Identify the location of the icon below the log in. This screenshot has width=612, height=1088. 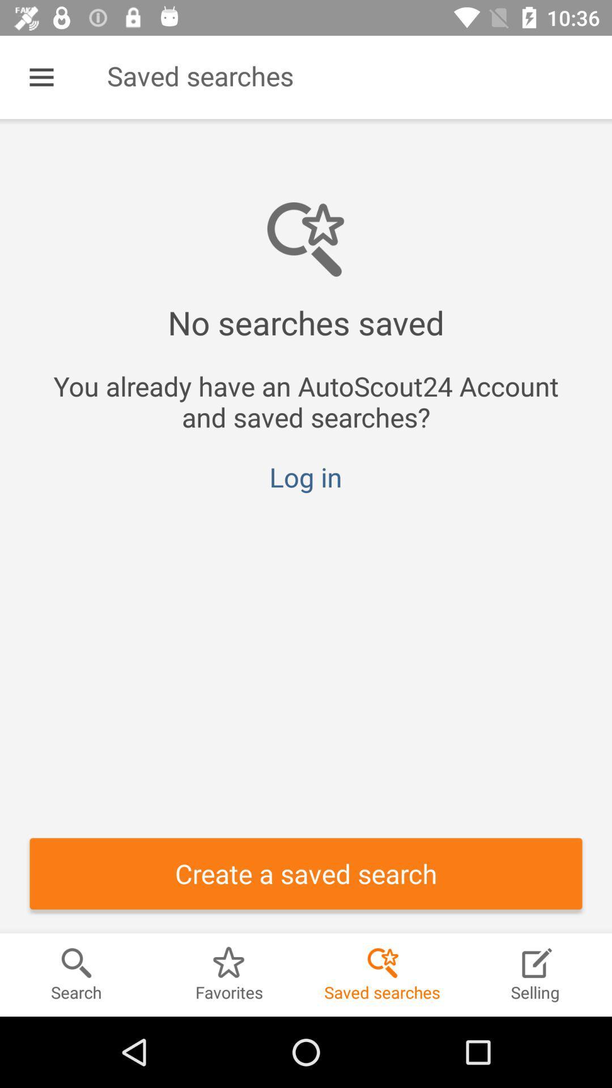
(306, 873).